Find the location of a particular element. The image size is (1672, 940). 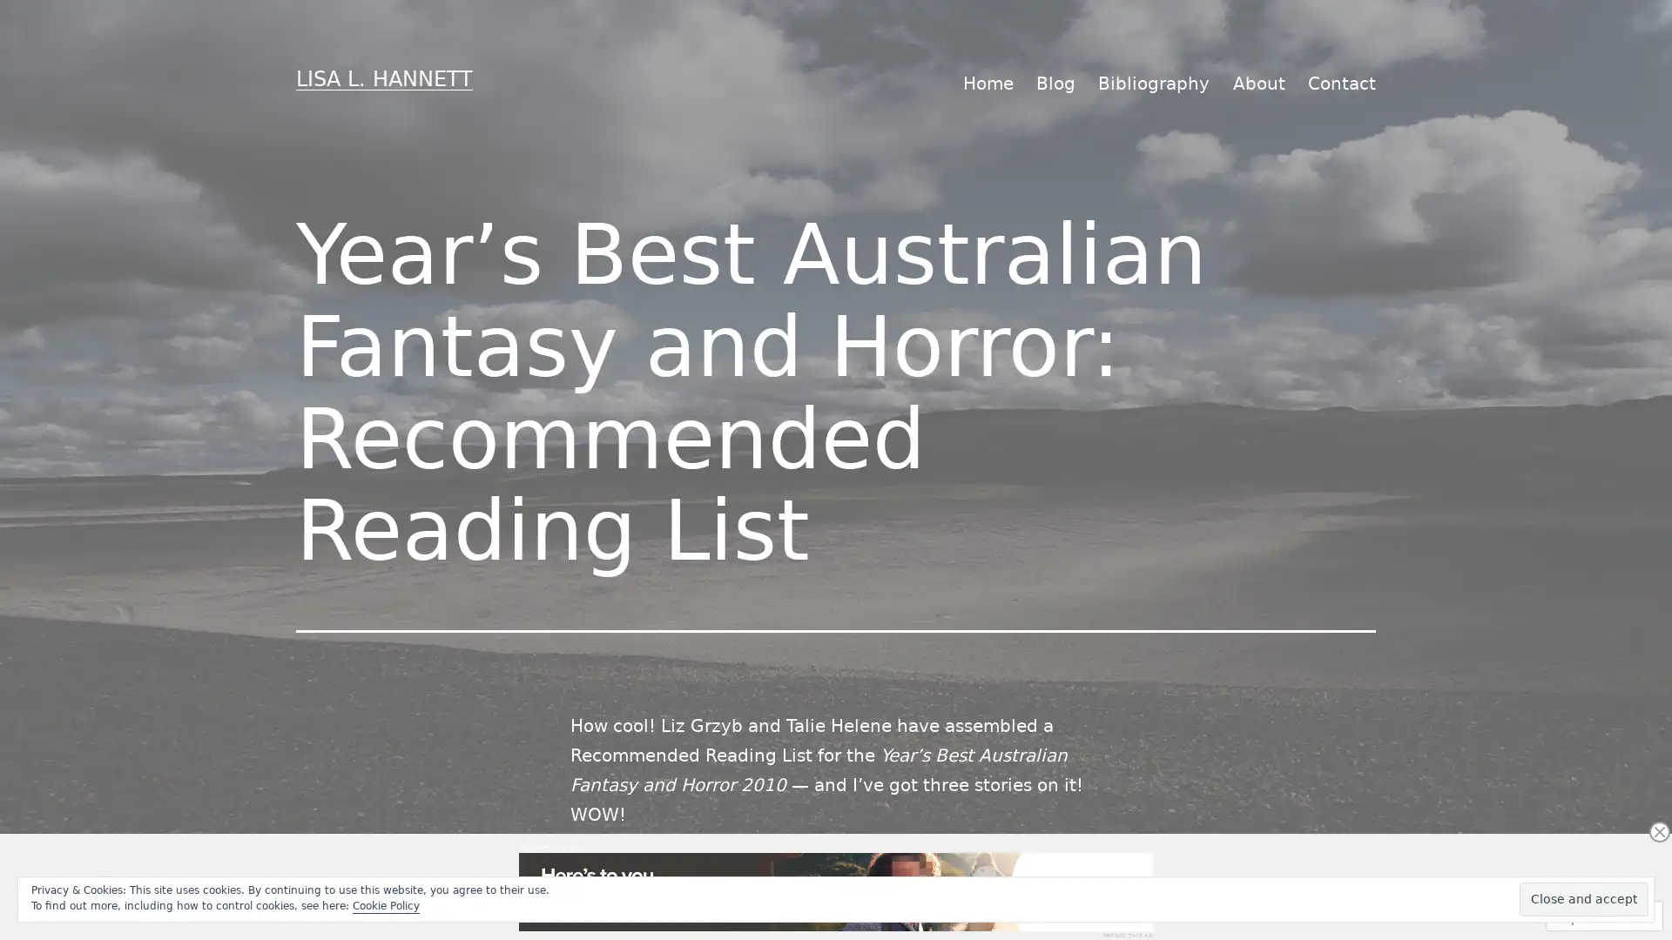

Close and accept is located at coordinates (1584, 899).